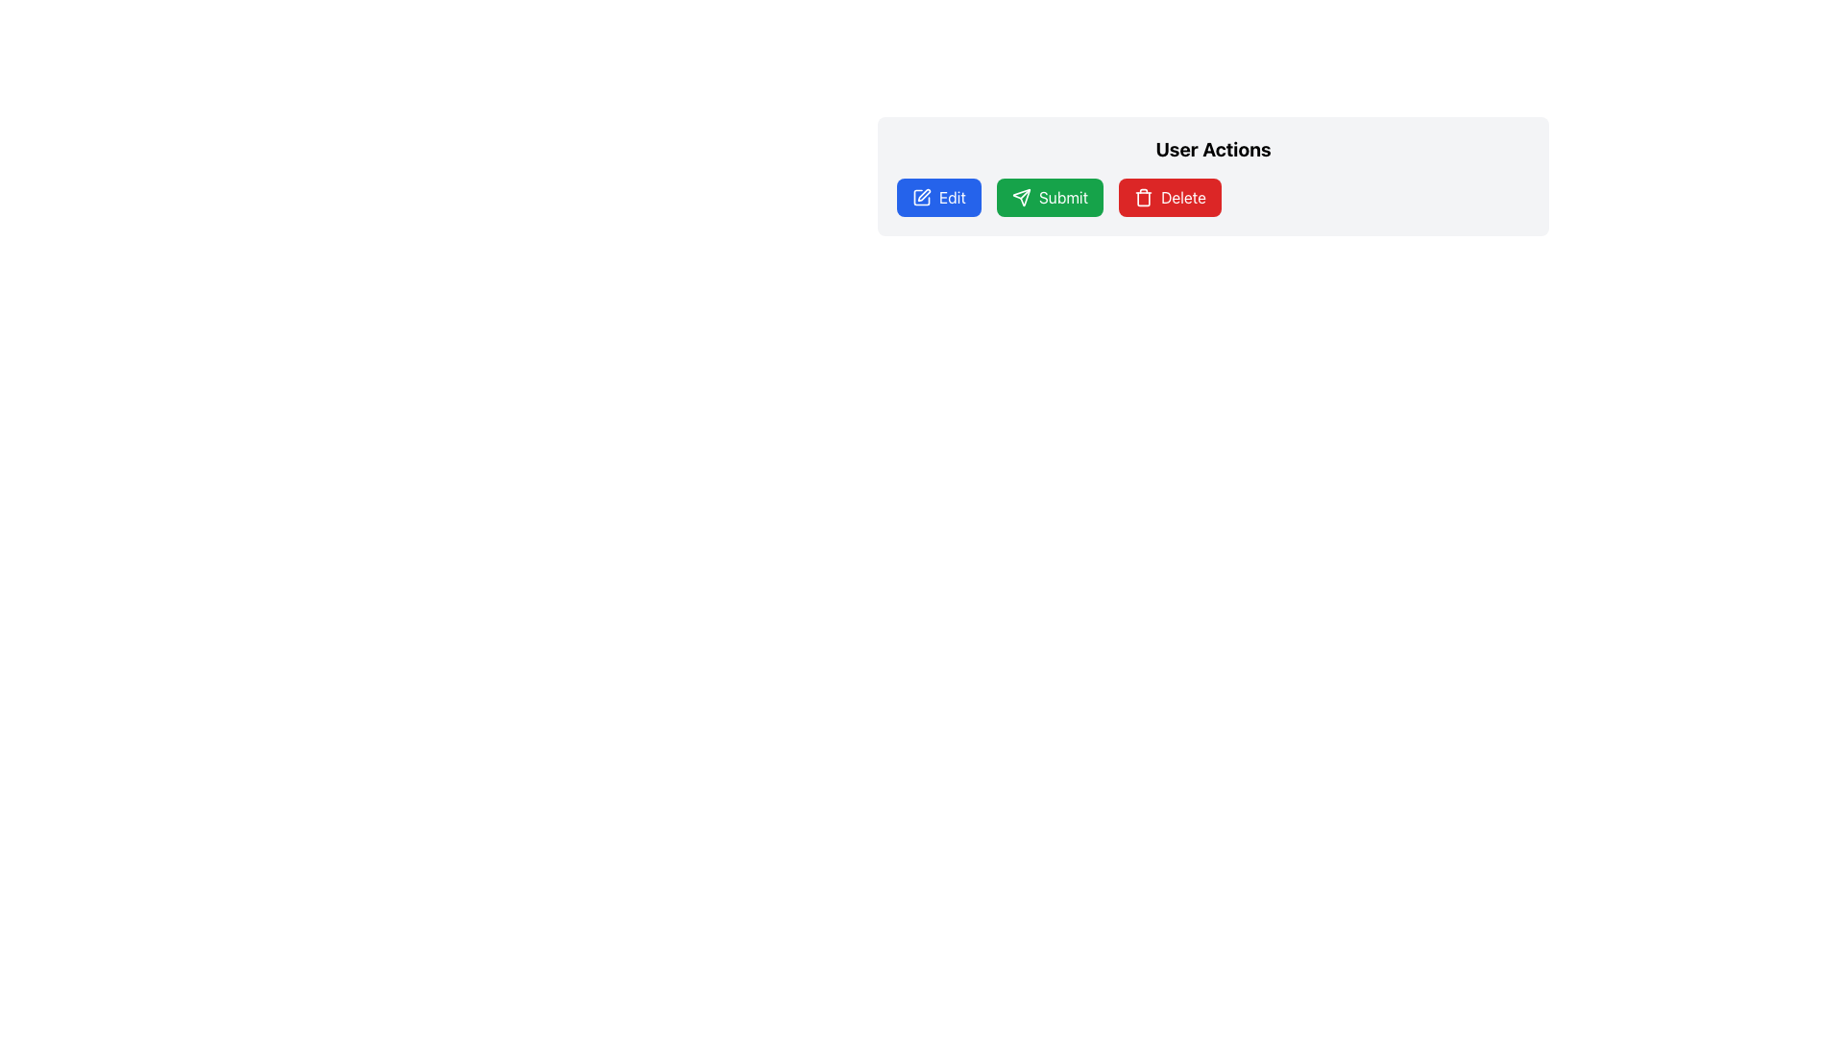  I want to click on the 'Submit' button that contains the paper plane icon located between the 'Edit' and 'Delete' buttons in the 'User Actions' section, so click(1024, 194).